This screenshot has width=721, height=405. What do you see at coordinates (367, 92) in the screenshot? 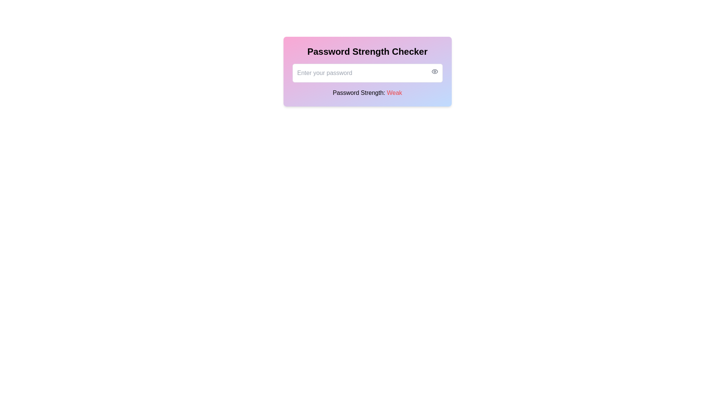
I see `displayed information from the text label that shows 'Password Strength: Weak' in the Password Strength Checker interface, which is located towards the bottom section of the interface` at bounding box center [367, 92].